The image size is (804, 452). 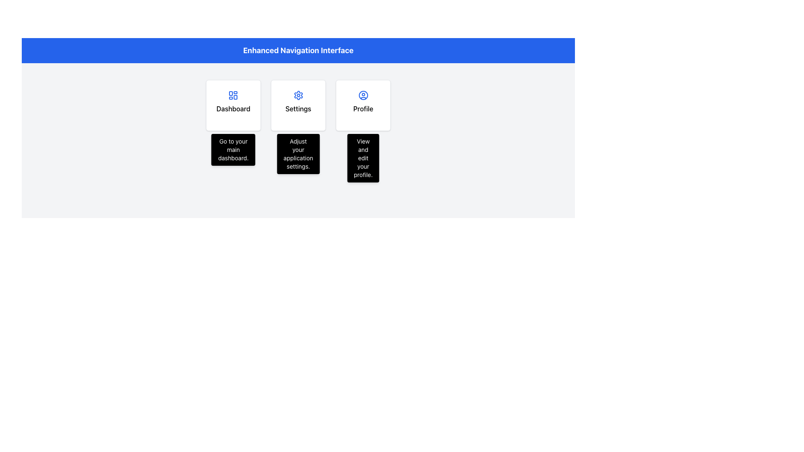 What do you see at coordinates (363, 95) in the screenshot?
I see `the user profile icon, which is a blue graphical representation of a head and shoulders, located at the top center of the 'Profile' card` at bounding box center [363, 95].